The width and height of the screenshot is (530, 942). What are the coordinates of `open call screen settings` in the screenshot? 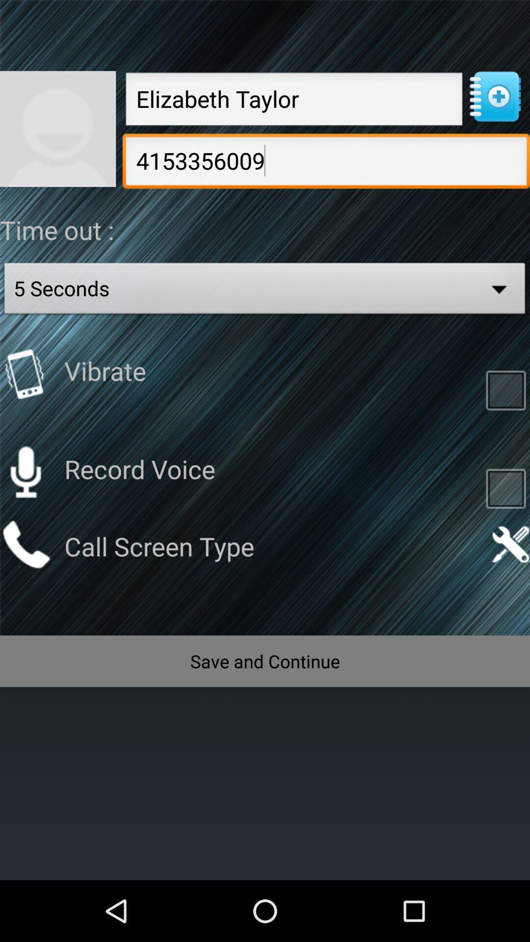 It's located at (510, 544).